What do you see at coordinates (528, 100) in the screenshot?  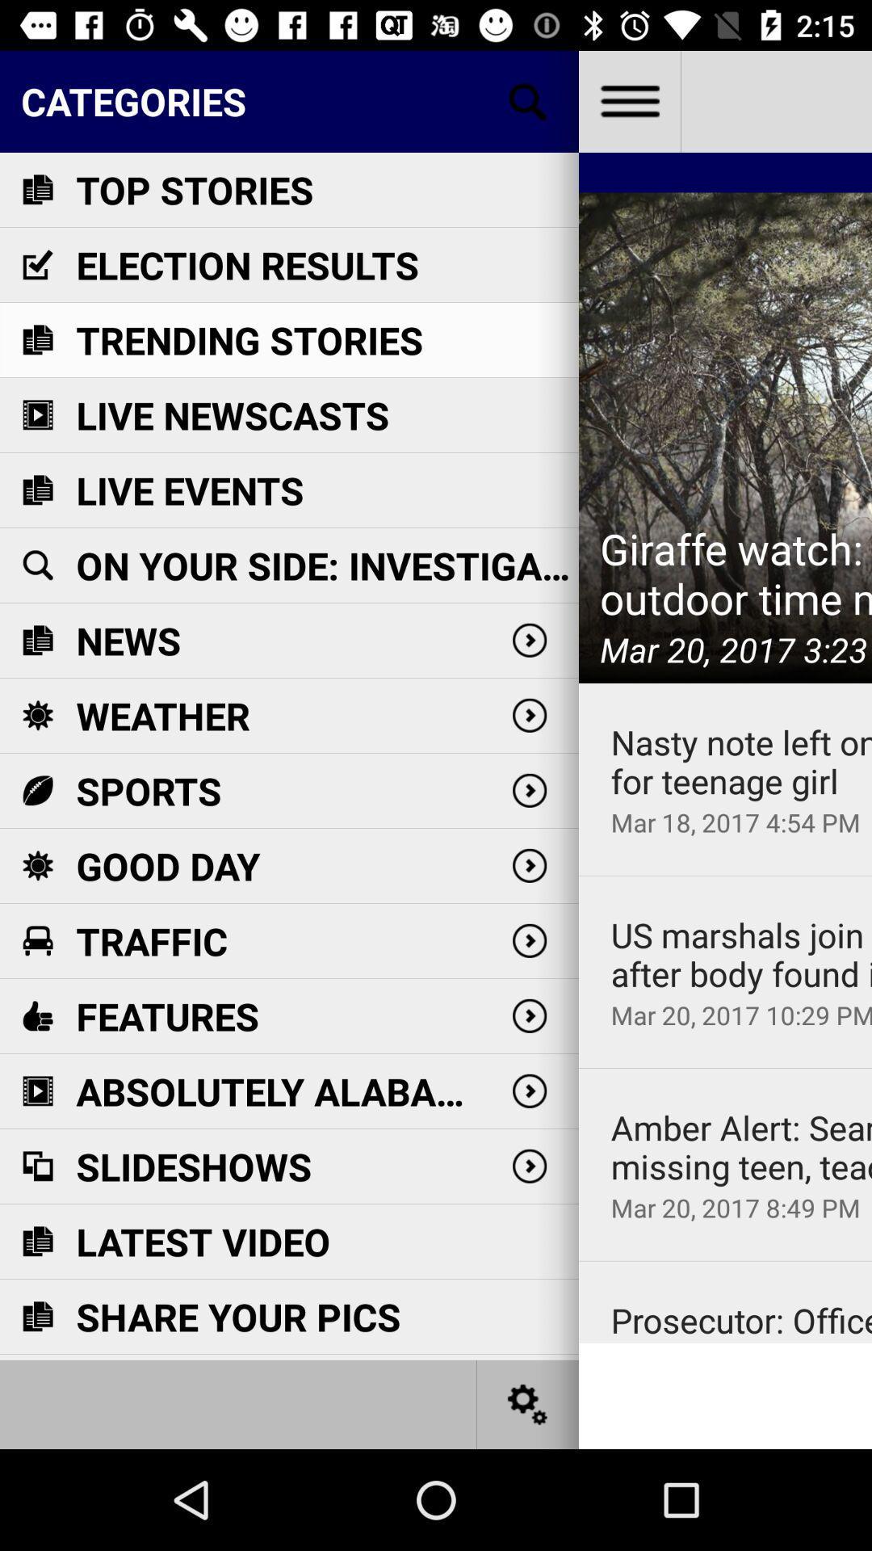 I see `search` at bounding box center [528, 100].